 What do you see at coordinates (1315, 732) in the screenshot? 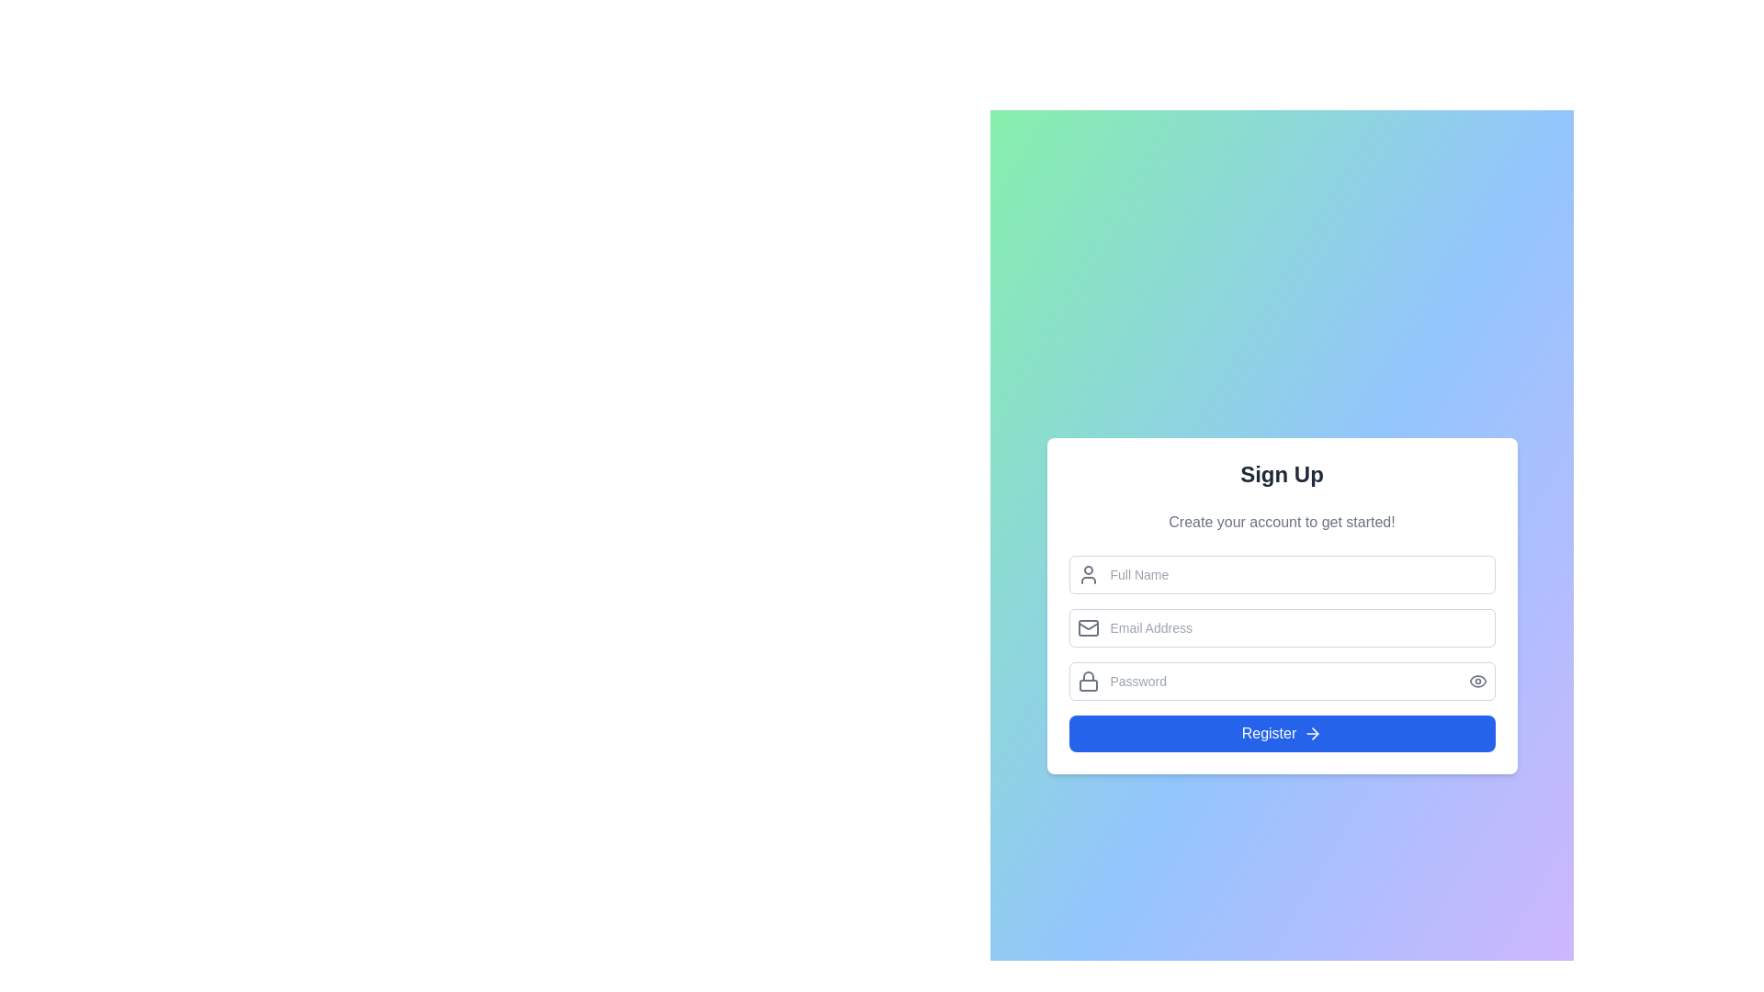
I see `the SVG graphic icon representing an arrow located within the bottom-right section of the blue 'Register' button` at bounding box center [1315, 732].